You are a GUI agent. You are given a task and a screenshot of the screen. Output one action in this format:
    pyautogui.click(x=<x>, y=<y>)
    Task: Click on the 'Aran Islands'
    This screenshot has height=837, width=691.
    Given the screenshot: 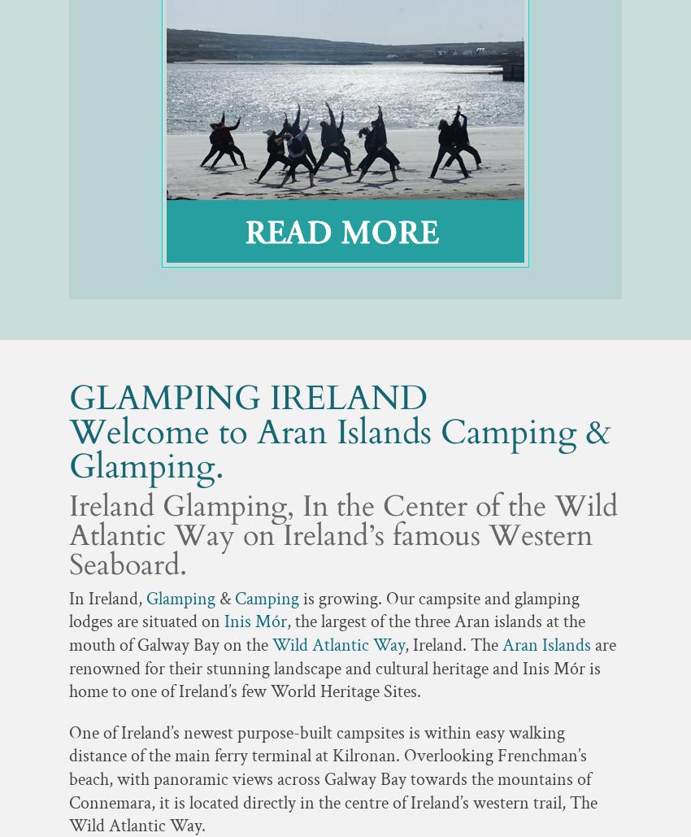 What is the action you would take?
    pyautogui.click(x=548, y=644)
    